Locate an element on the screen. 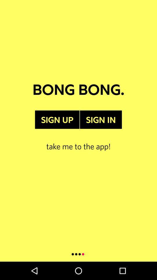 The width and height of the screenshot is (157, 280). sign in icon is located at coordinates (101, 119).